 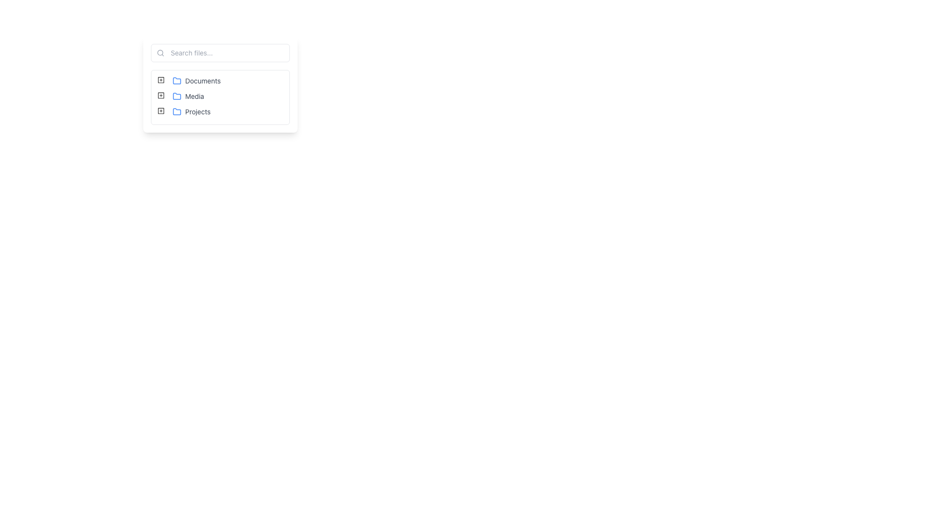 What do you see at coordinates (196, 81) in the screenshot?
I see `the 'Documents' text label with a blue folder icon beside it` at bounding box center [196, 81].